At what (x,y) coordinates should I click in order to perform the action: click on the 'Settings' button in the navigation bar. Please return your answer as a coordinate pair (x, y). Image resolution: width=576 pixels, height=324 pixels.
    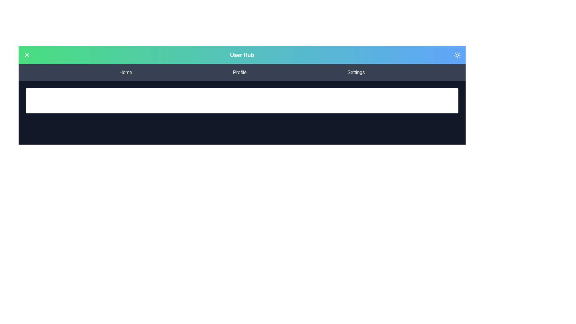
    Looking at the image, I should click on (356, 72).